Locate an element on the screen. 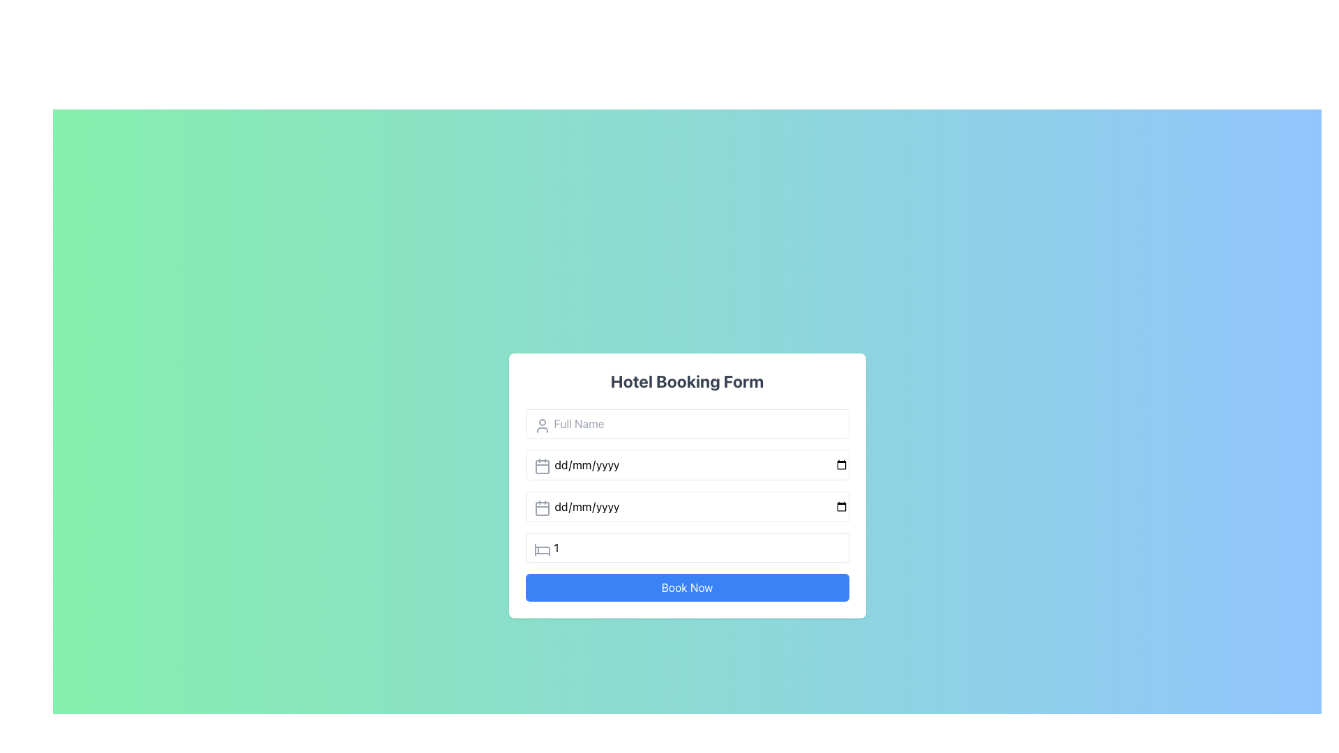 This screenshot has width=1339, height=753. the calendar icon, which is a gray square with a minimalist design located to the left of the first date text field in the form is located at coordinates (541, 466).